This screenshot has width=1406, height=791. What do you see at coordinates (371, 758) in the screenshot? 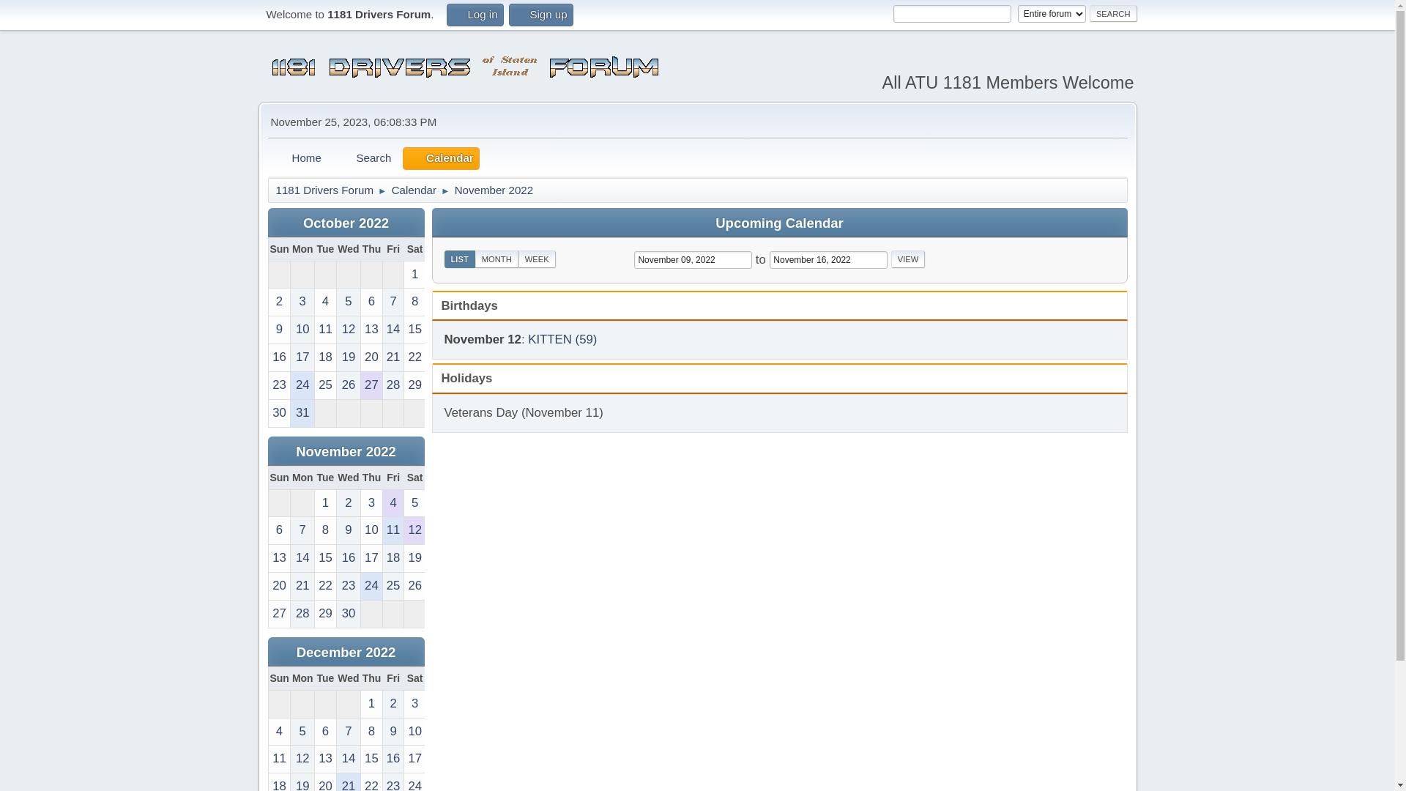
I see `'15'` at bounding box center [371, 758].